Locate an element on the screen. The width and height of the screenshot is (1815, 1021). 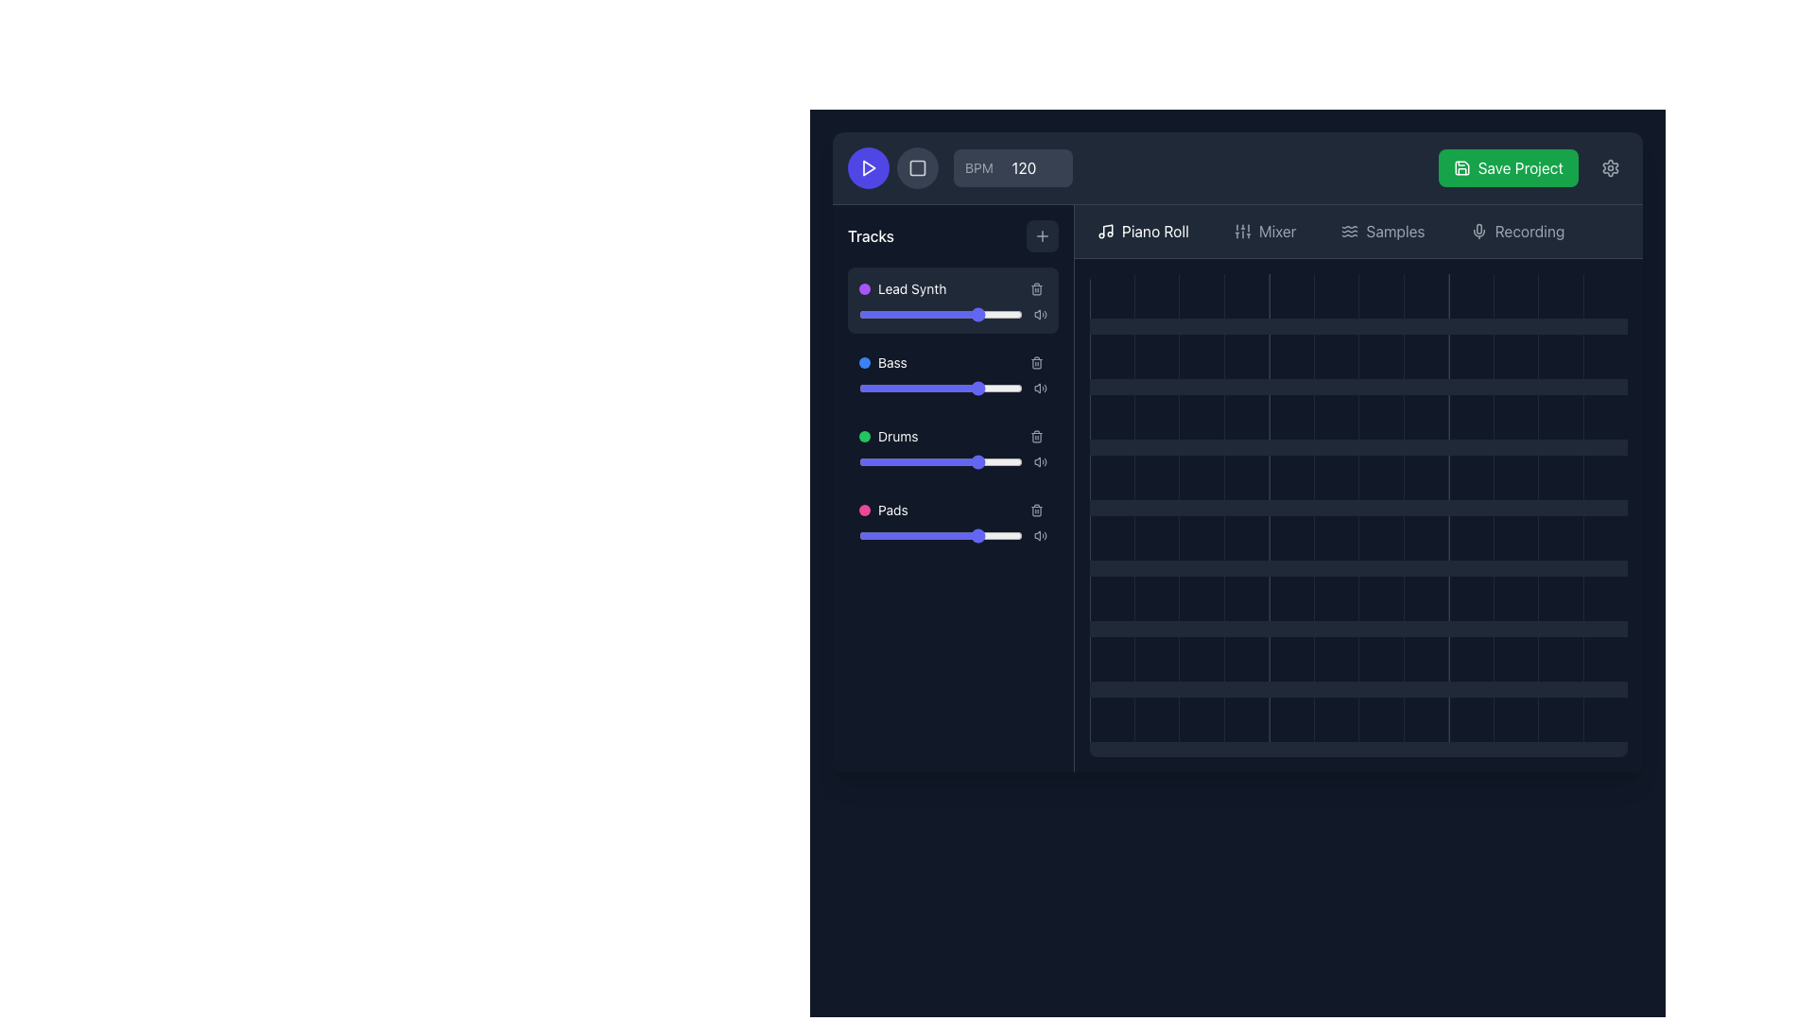
the 'Beats Per Minute' (BPM) label located in the top-left section of the interface, positioned between the stop button and the numeric input box is located at coordinates (959, 166).